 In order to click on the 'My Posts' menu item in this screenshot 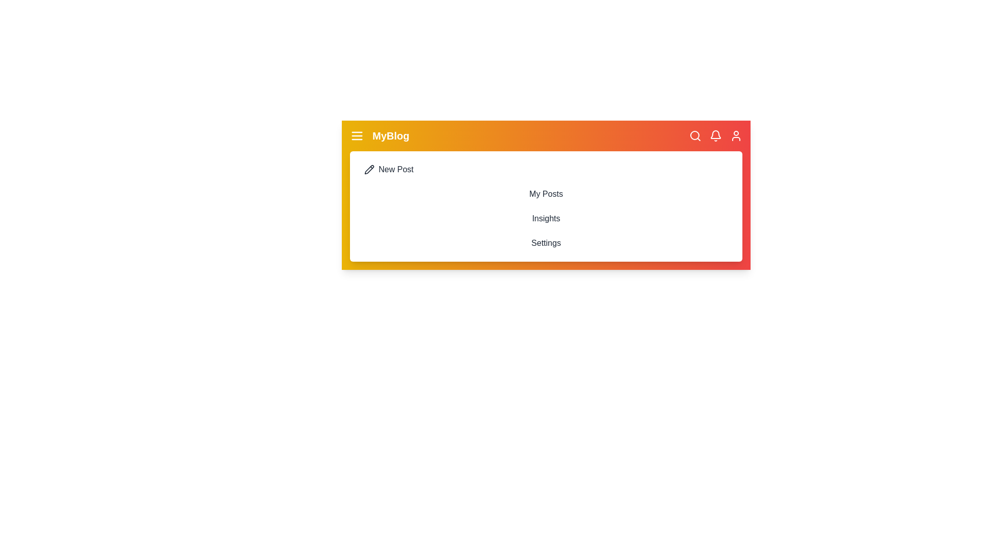, I will do `click(546, 194)`.